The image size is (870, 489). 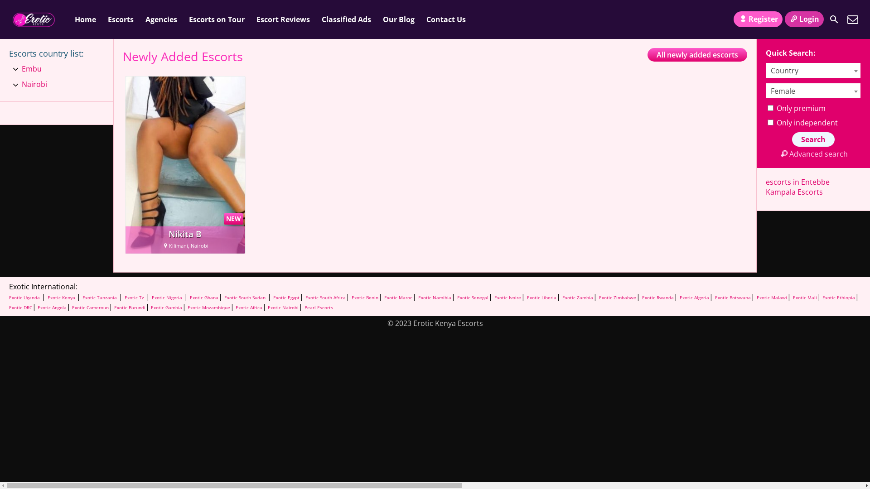 I want to click on 'Escorts', so click(x=102, y=19).